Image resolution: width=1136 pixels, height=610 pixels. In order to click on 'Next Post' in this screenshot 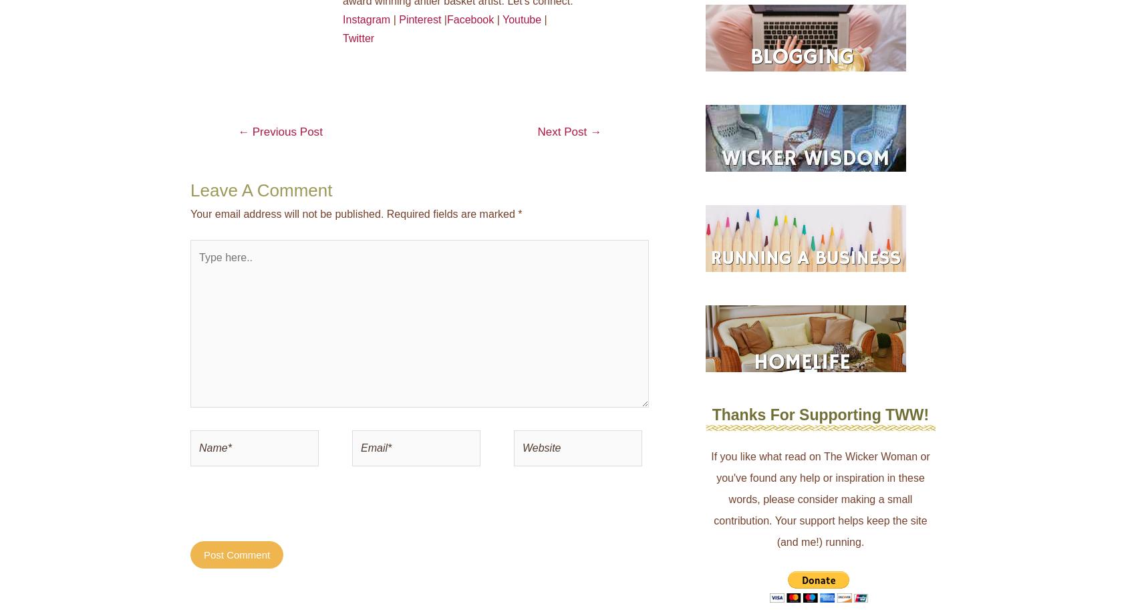, I will do `click(563, 131)`.